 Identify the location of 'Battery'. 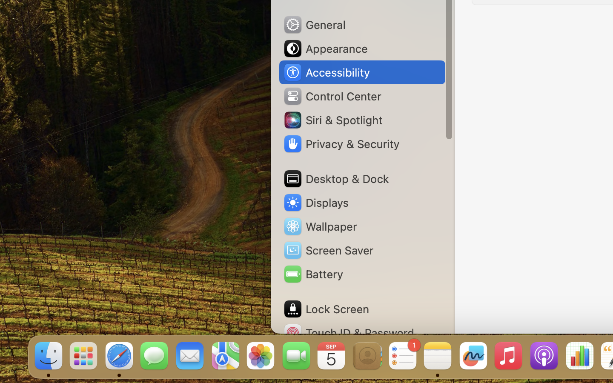
(312, 274).